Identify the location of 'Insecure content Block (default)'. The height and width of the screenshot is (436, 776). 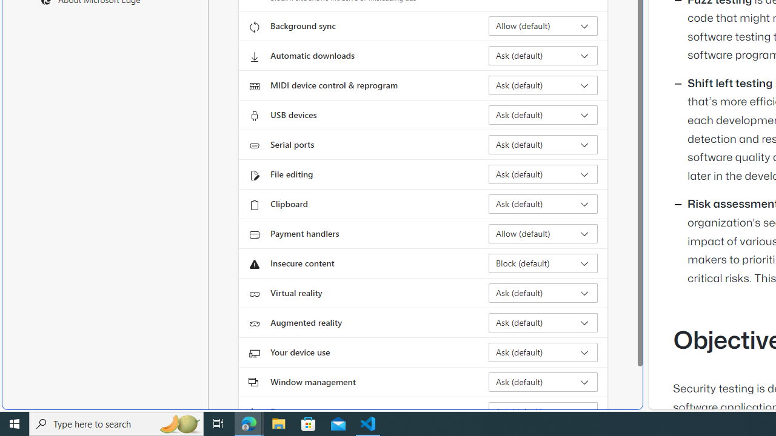
(543, 262).